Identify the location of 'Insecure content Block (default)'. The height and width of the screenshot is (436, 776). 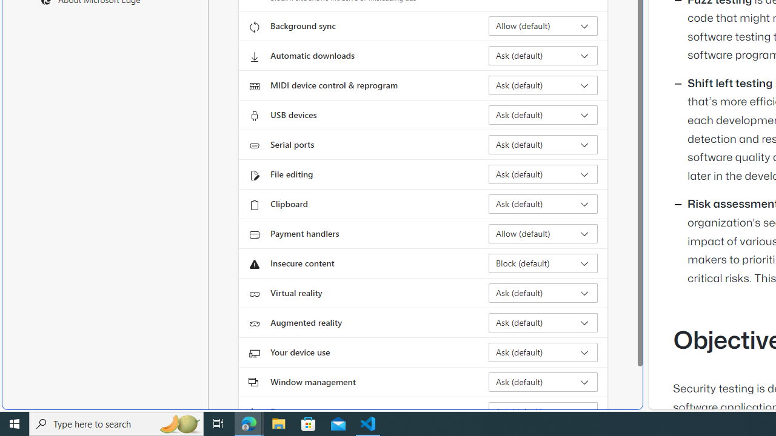
(543, 262).